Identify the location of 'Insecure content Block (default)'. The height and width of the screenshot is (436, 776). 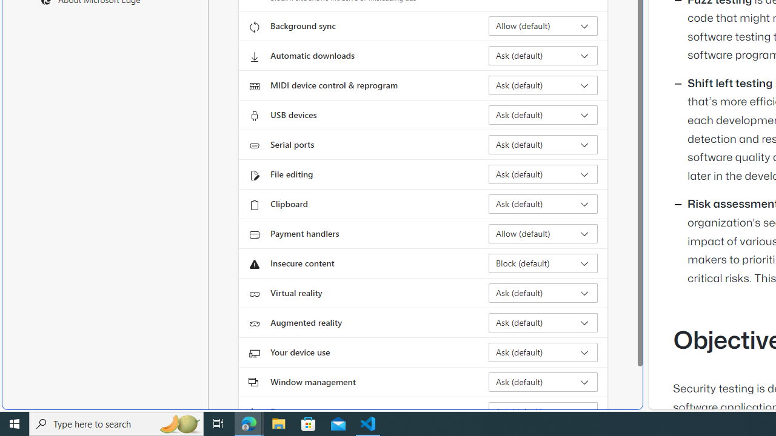
(543, 262).